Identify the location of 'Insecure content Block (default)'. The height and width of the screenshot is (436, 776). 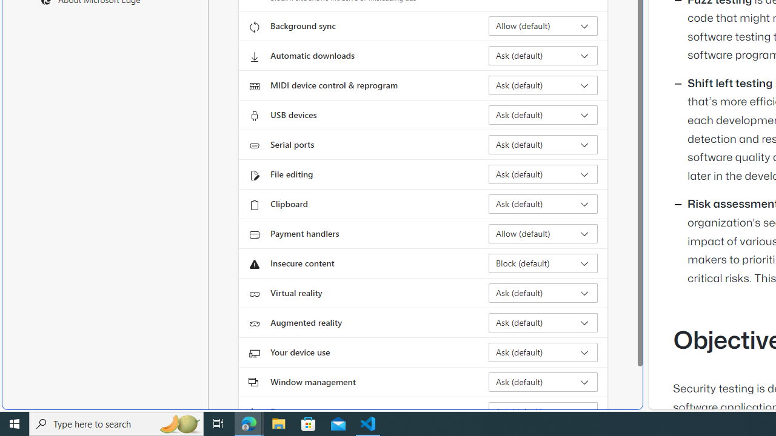
(543, 262).